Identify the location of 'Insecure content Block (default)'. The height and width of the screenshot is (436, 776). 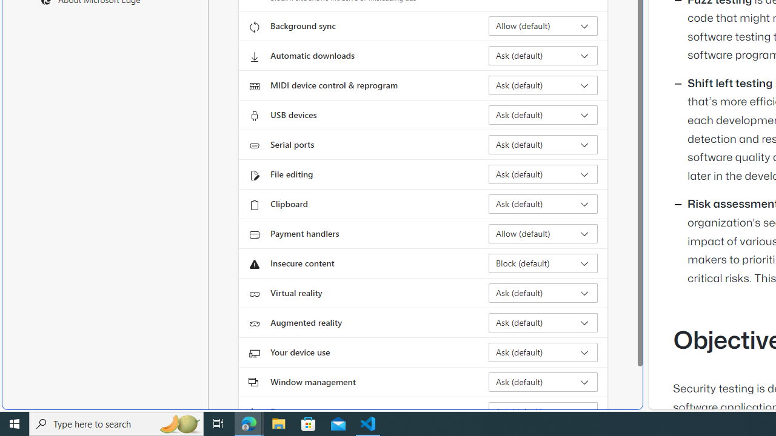
(543, 262).